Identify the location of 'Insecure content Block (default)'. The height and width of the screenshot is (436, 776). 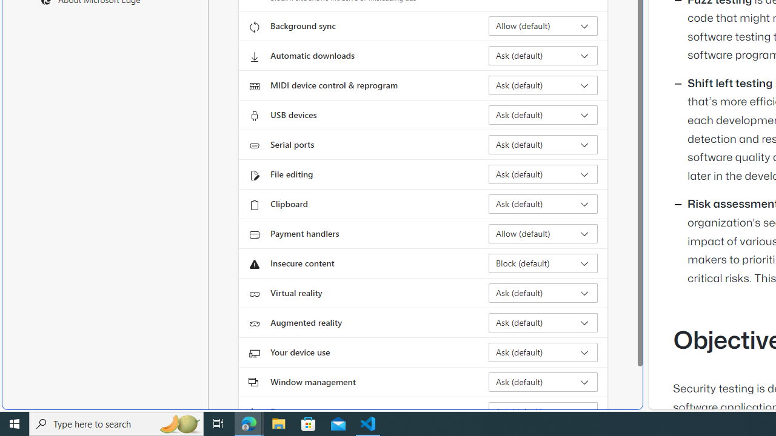
(543, 262).